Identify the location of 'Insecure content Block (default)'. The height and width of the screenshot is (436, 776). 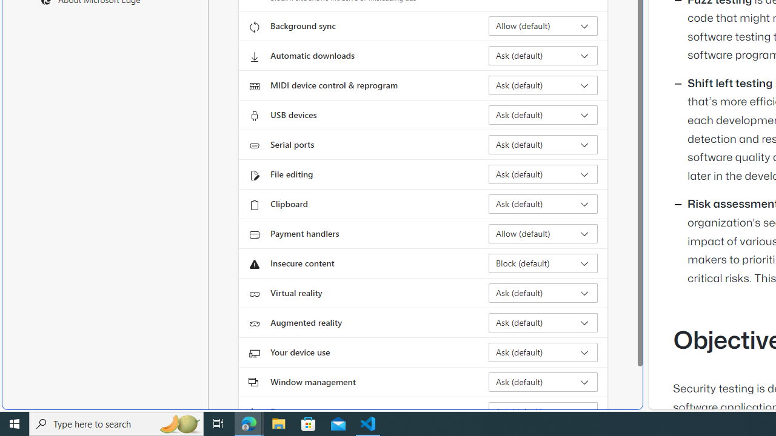
(543, 262).